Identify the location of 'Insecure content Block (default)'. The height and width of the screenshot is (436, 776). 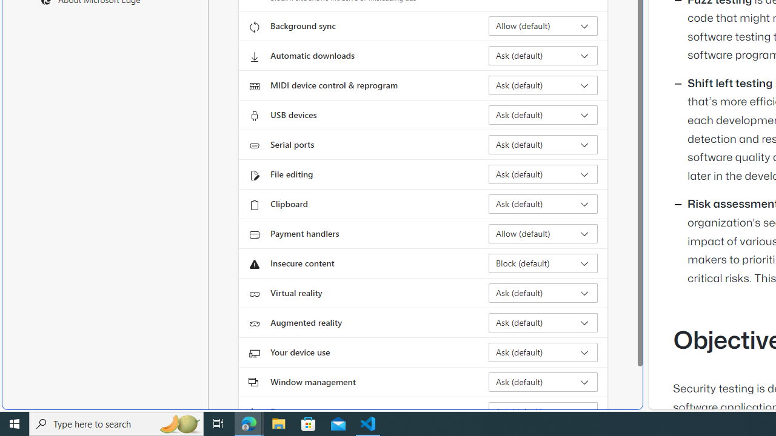
(543, 262).